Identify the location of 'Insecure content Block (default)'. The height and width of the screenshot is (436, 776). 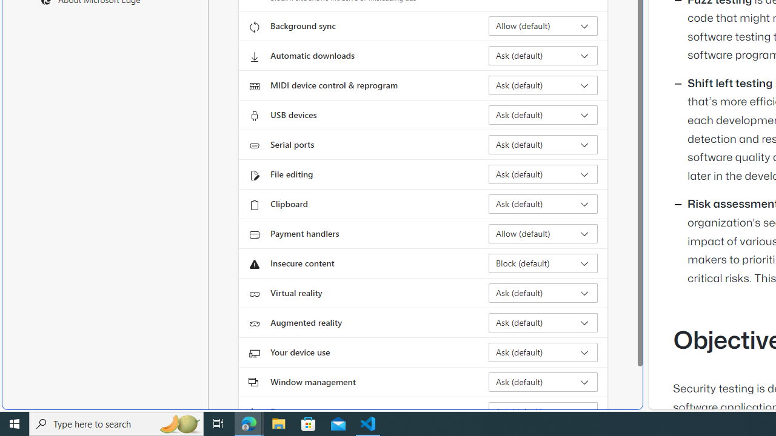
(543, 262).